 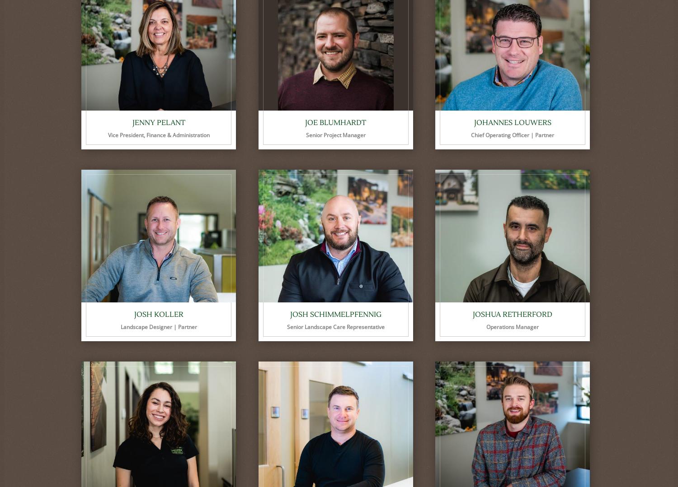 I want to click on 'Josh Schimmelpfennig', so click(x=335, y=315).